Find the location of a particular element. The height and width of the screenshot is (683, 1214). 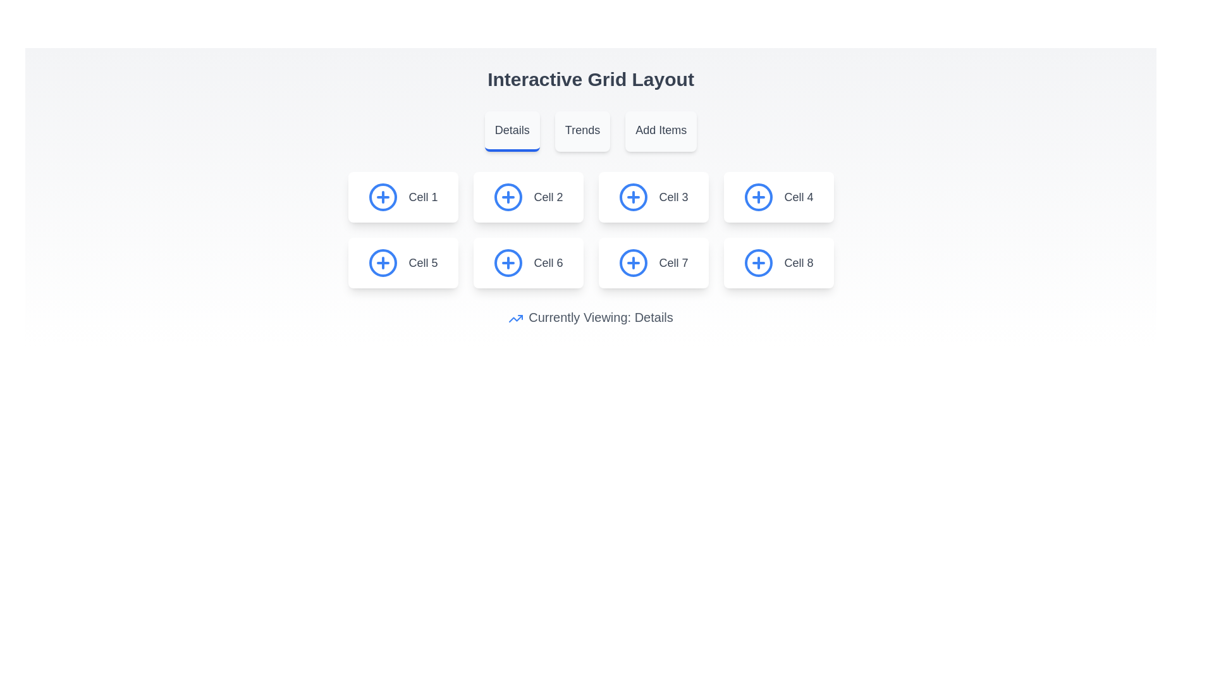

the interactive button located in 'Cell 7' of the grid layout is located at coordinates (634, 262).